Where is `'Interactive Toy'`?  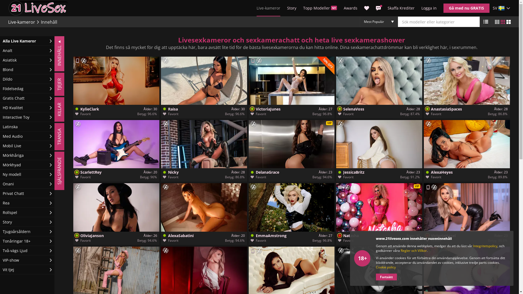
'Interactive Toy' is located at coordinates (27, 117).